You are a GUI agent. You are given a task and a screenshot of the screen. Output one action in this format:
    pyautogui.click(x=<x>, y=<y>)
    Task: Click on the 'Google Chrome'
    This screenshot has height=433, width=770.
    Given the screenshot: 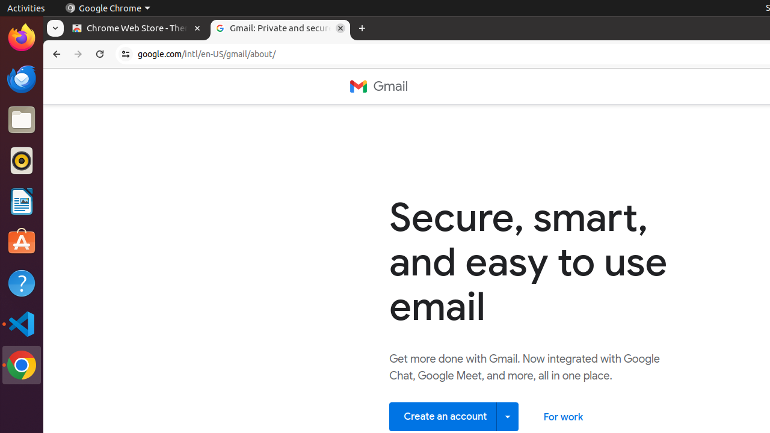 What is the action you would take?
    pyautogui.click(x=107, y=8)
    